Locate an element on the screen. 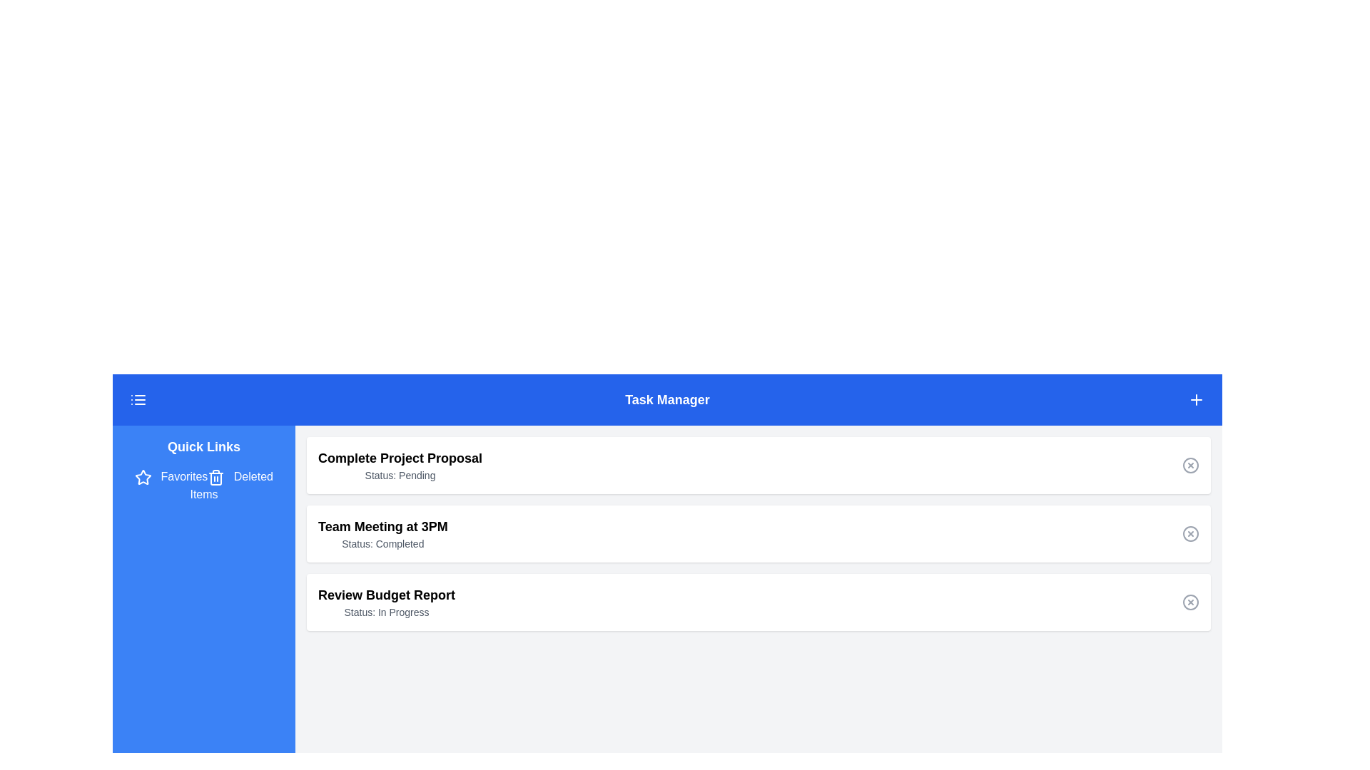 The width and height of the screenshot is (1370, 770). the Navigation menu links in the left sidebar titled 'Quick Links' is located at coordinates (203, 485).